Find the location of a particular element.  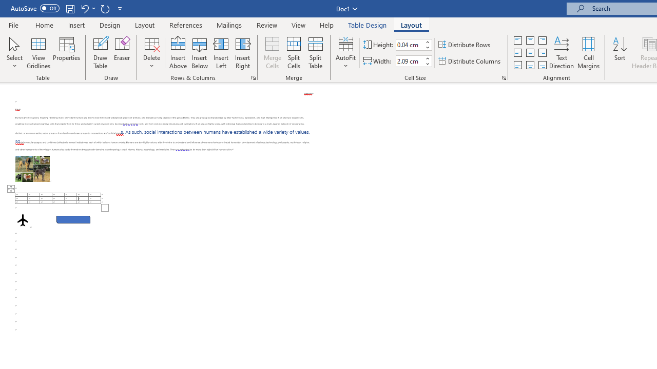

'Insert Right' is located at coordinates (242, 53).